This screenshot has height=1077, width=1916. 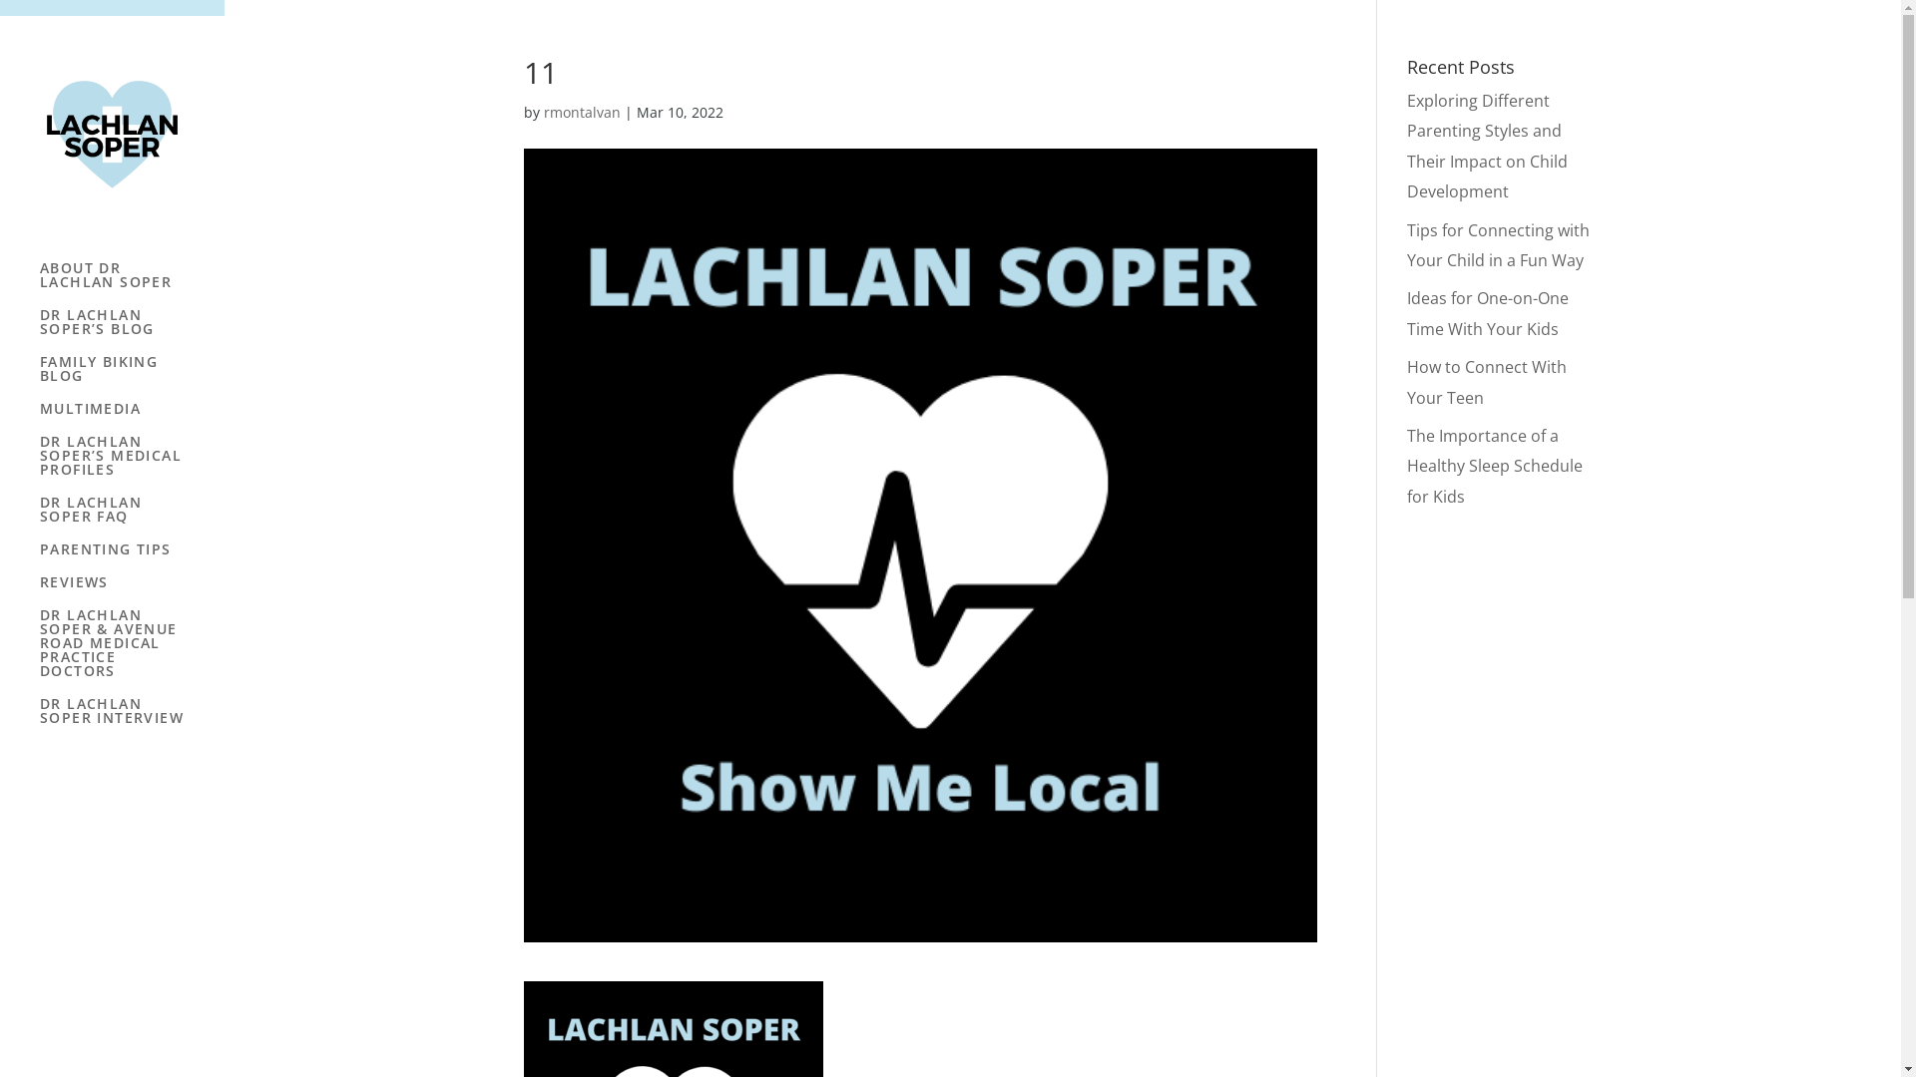 I want to click on 'The Importance of a Healthy Sleep Schedule for Kids', so click(x=1494, y=466).